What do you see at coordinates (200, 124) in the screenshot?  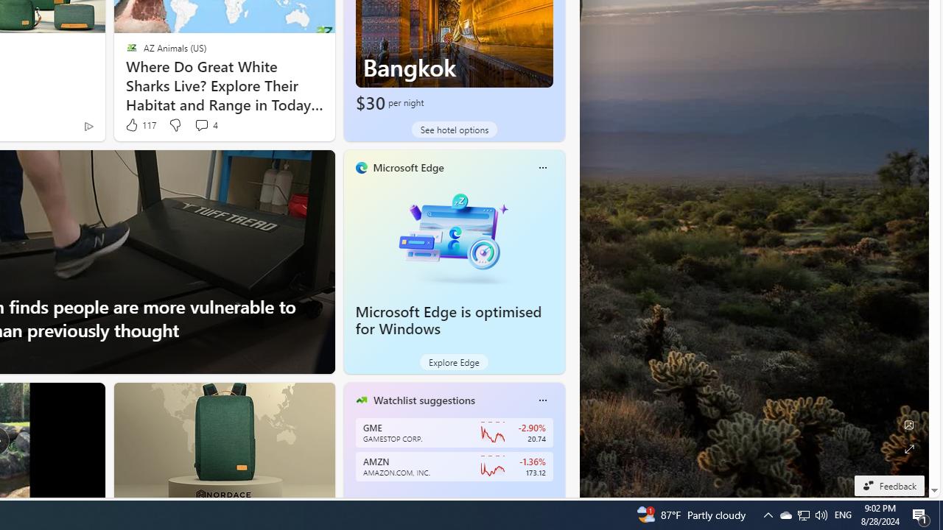 I see `'View comments 4 Comment'` at bounding box center [200, 124].